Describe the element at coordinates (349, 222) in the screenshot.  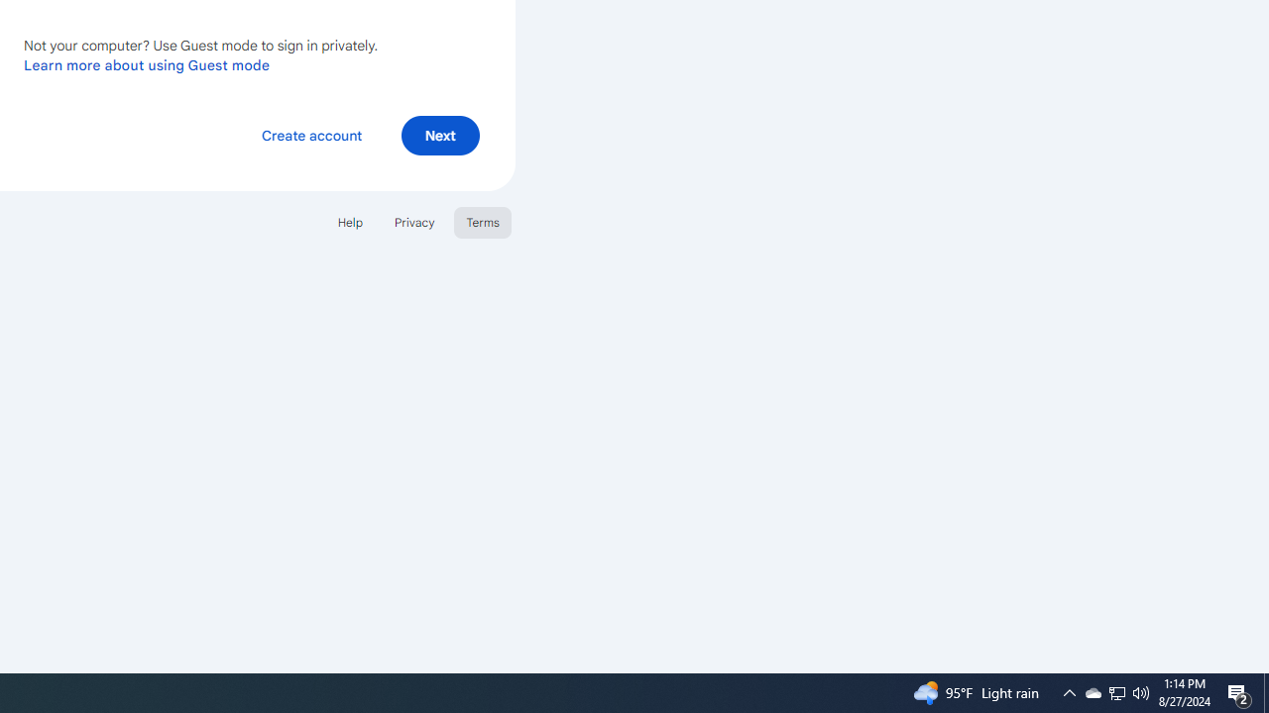
I see `'Help'` at that location.